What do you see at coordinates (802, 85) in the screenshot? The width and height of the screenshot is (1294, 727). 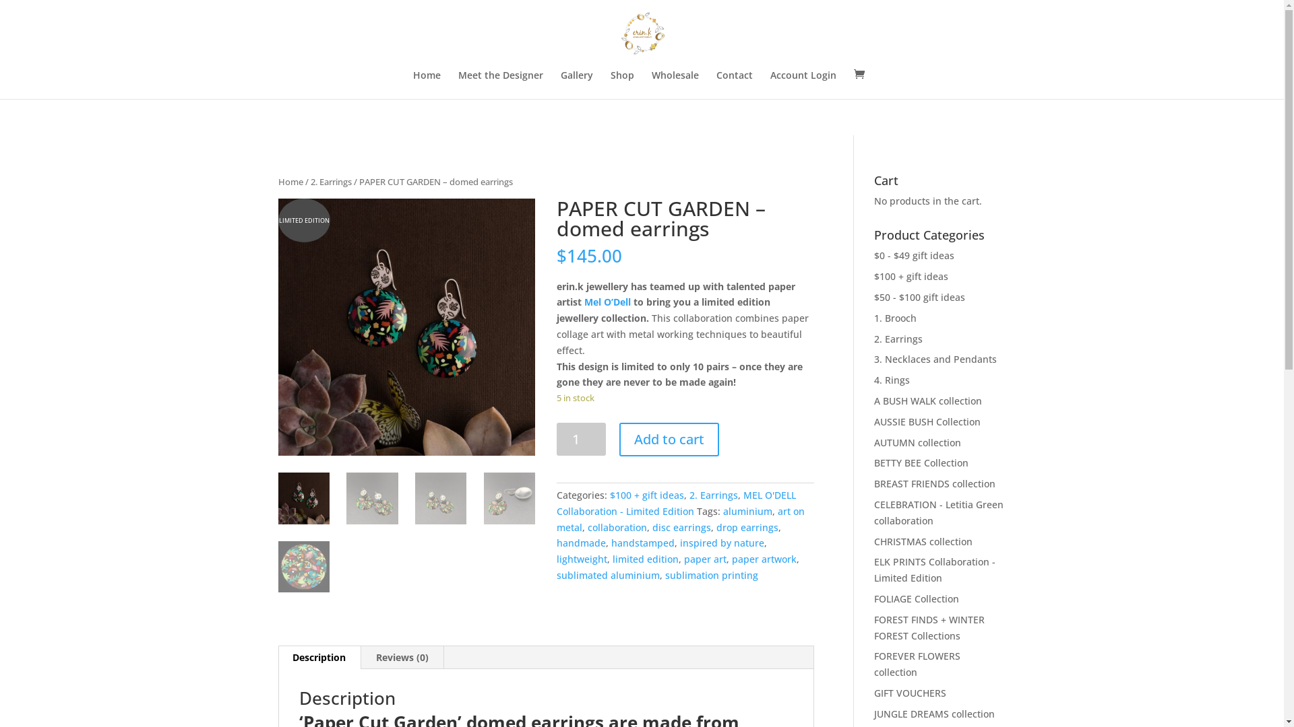 I see `'Account Login'` at bounding box center [802, 85].